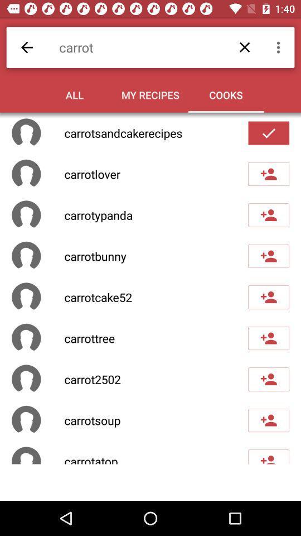 The width and height of the screenshot is (301, 536). I want to click on friend, so click(268, 214).